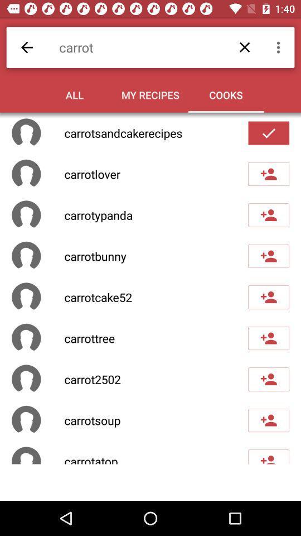 The width and height of the screenshot is (301, 536). I want to click on friend, so click(268, 214).